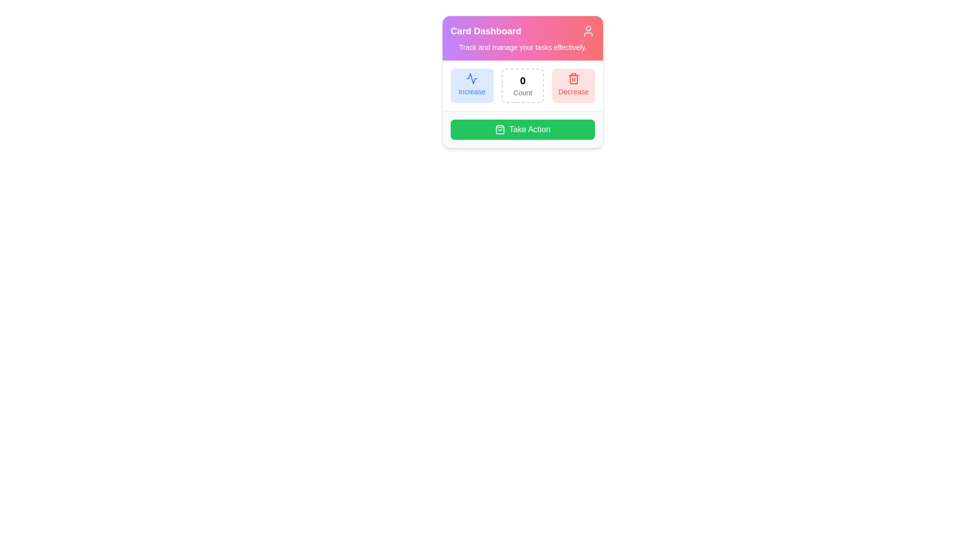 The image size is (969, 545). Describe the element at coordinates (523, 93) in the screenshot. I see `the Text Label that provides context for the count value, located directly below the digit '0' within a dashed-bordered box, centered between the 'Increase' and 'Decrease' buttons` at that location.